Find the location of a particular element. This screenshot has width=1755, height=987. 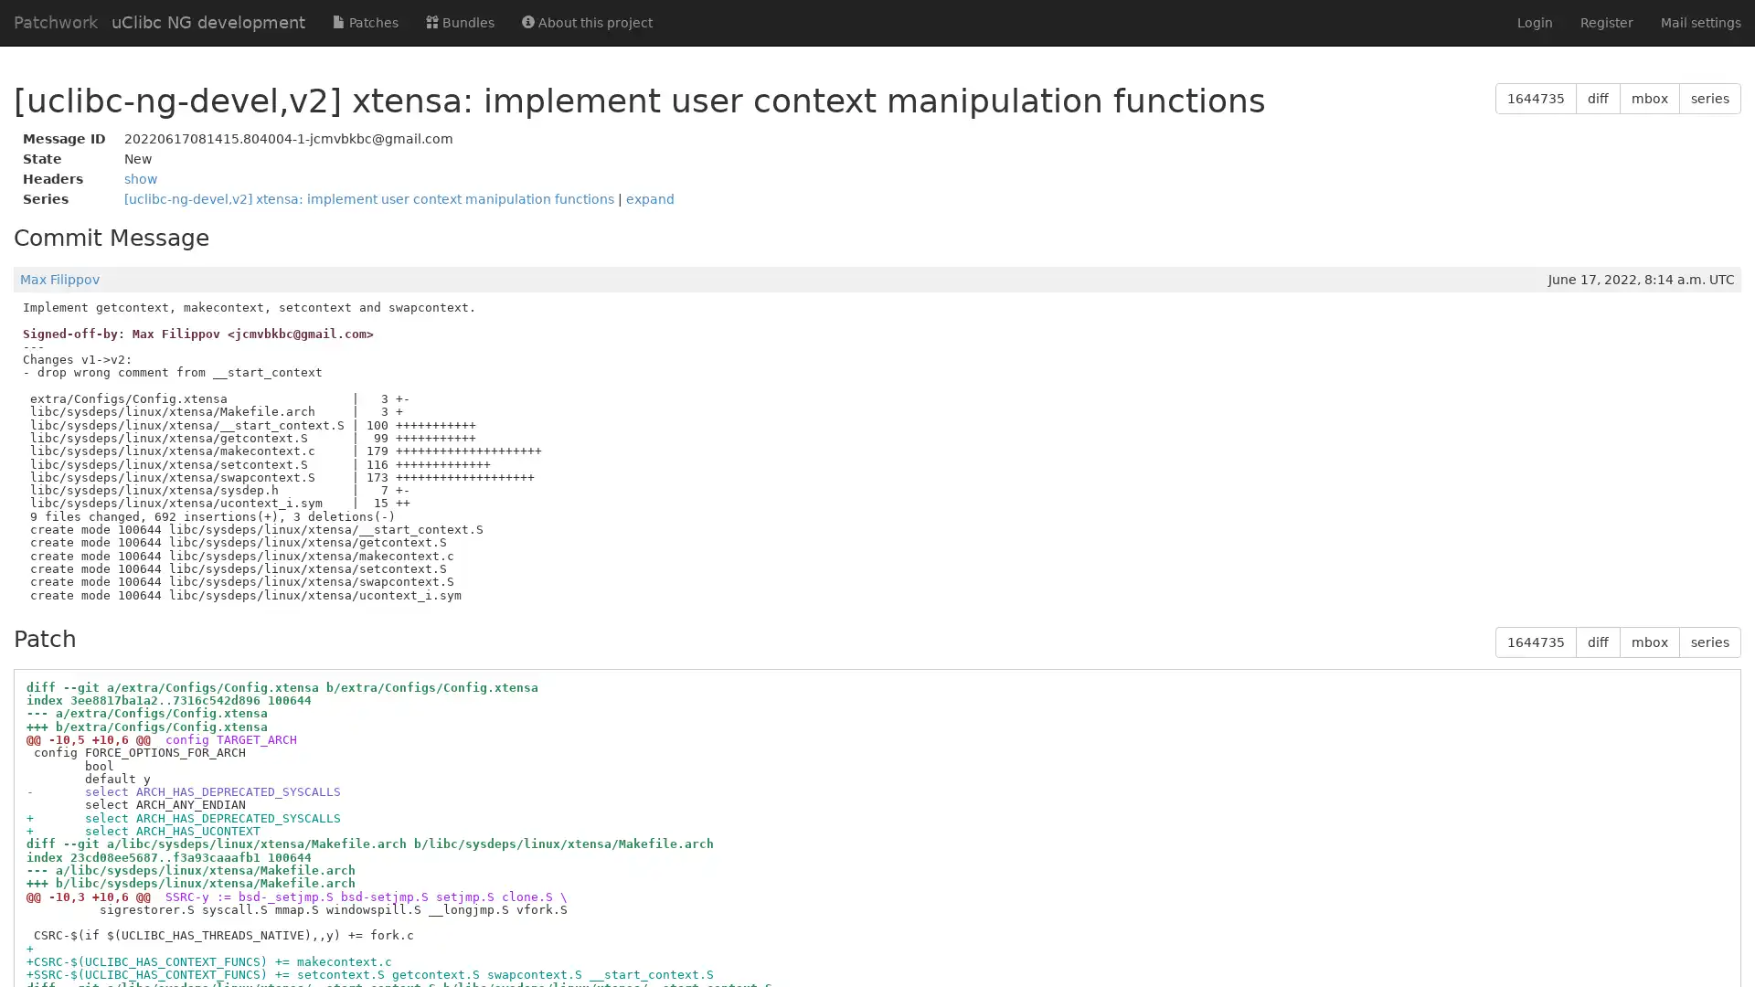

mbox is located at coordinates (1649, 641).